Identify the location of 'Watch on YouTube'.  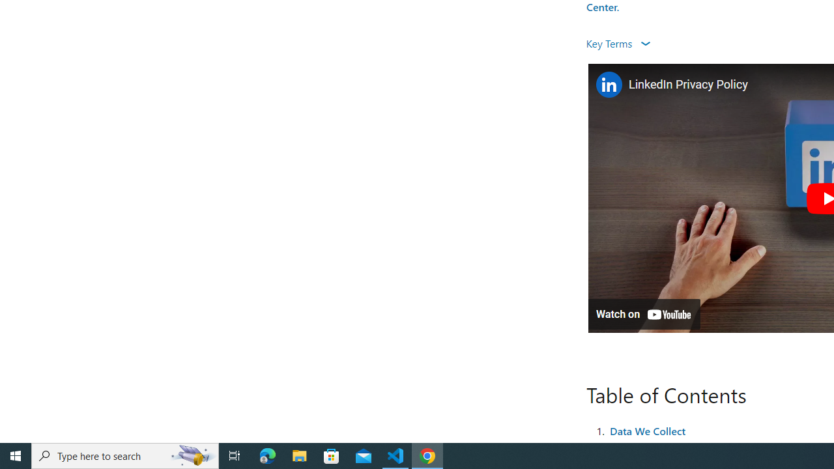
(644, 314).